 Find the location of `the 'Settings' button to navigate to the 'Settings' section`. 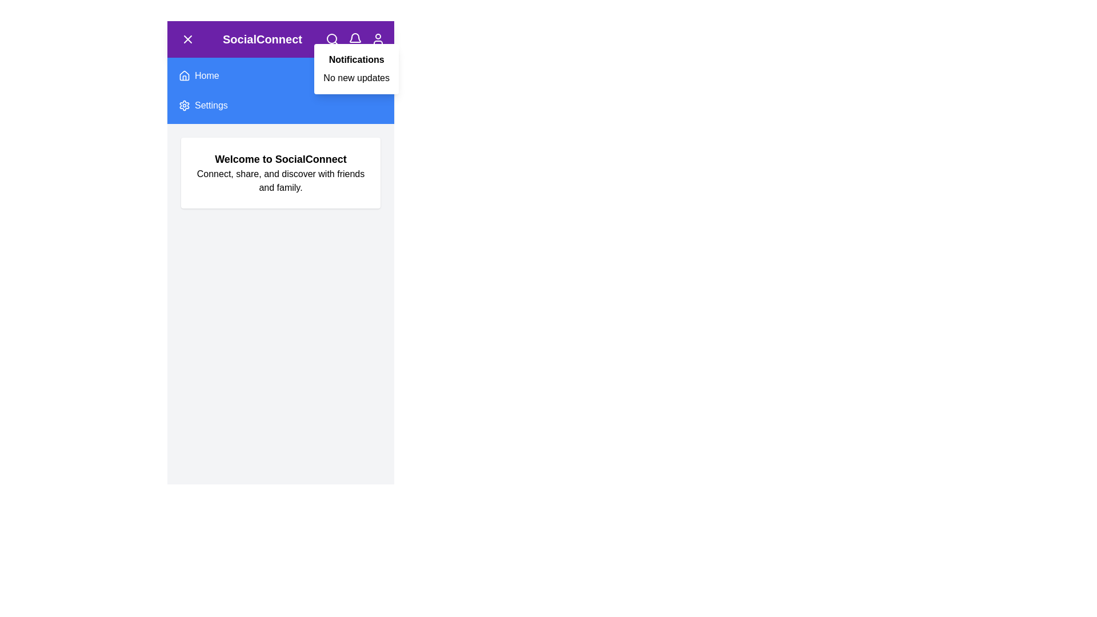

the 'Settings' button to navigate to the 'Settings' section is located at coordinates (280, 106).